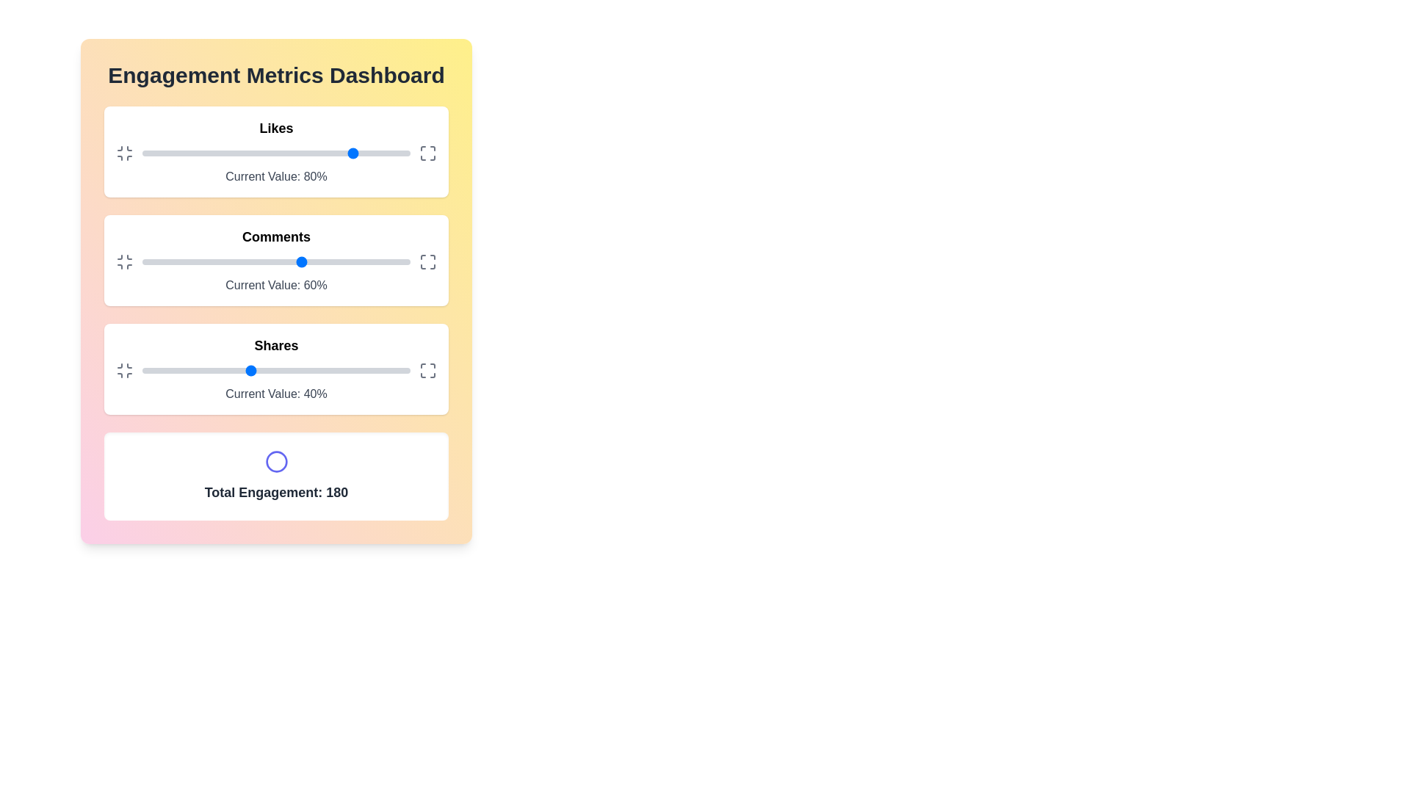 This screenshot has width=1410, height=793. What do you see at coordinates (367, 261) in the screenshot?
I see `comments` at bounding box center [367, 261].